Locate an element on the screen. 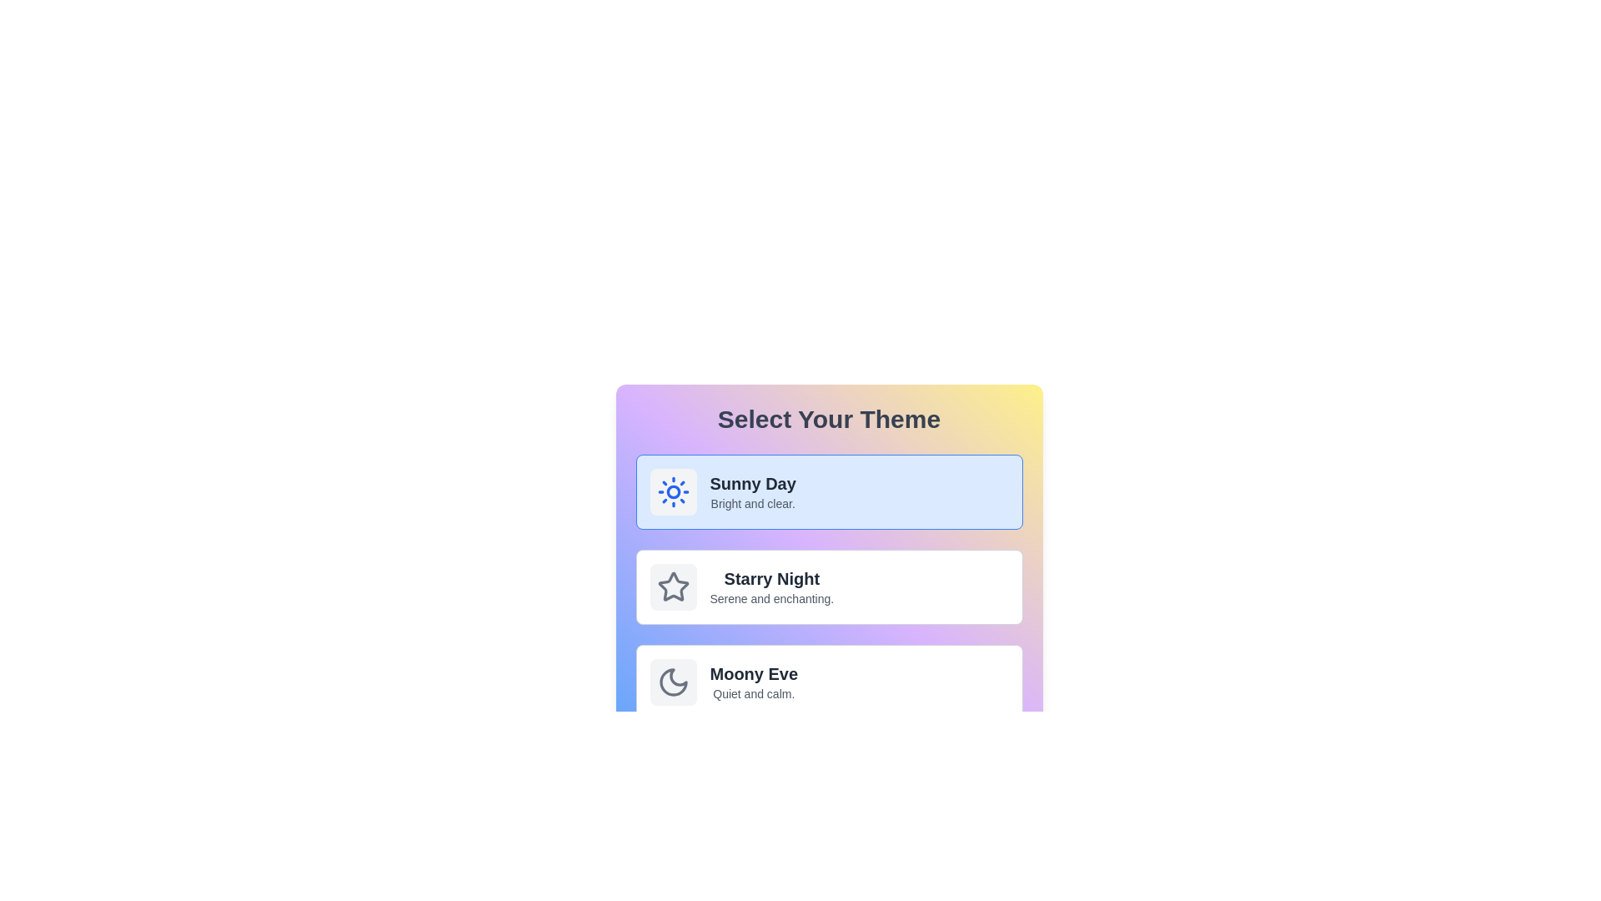 Image resolution: width=1601 pixels, height=901 pixels. the static text label that provides additional information about the theme option 'Sunny Day', positioned below the text 'Sunny Day' in the card layout is located at coordinates (752, 503).